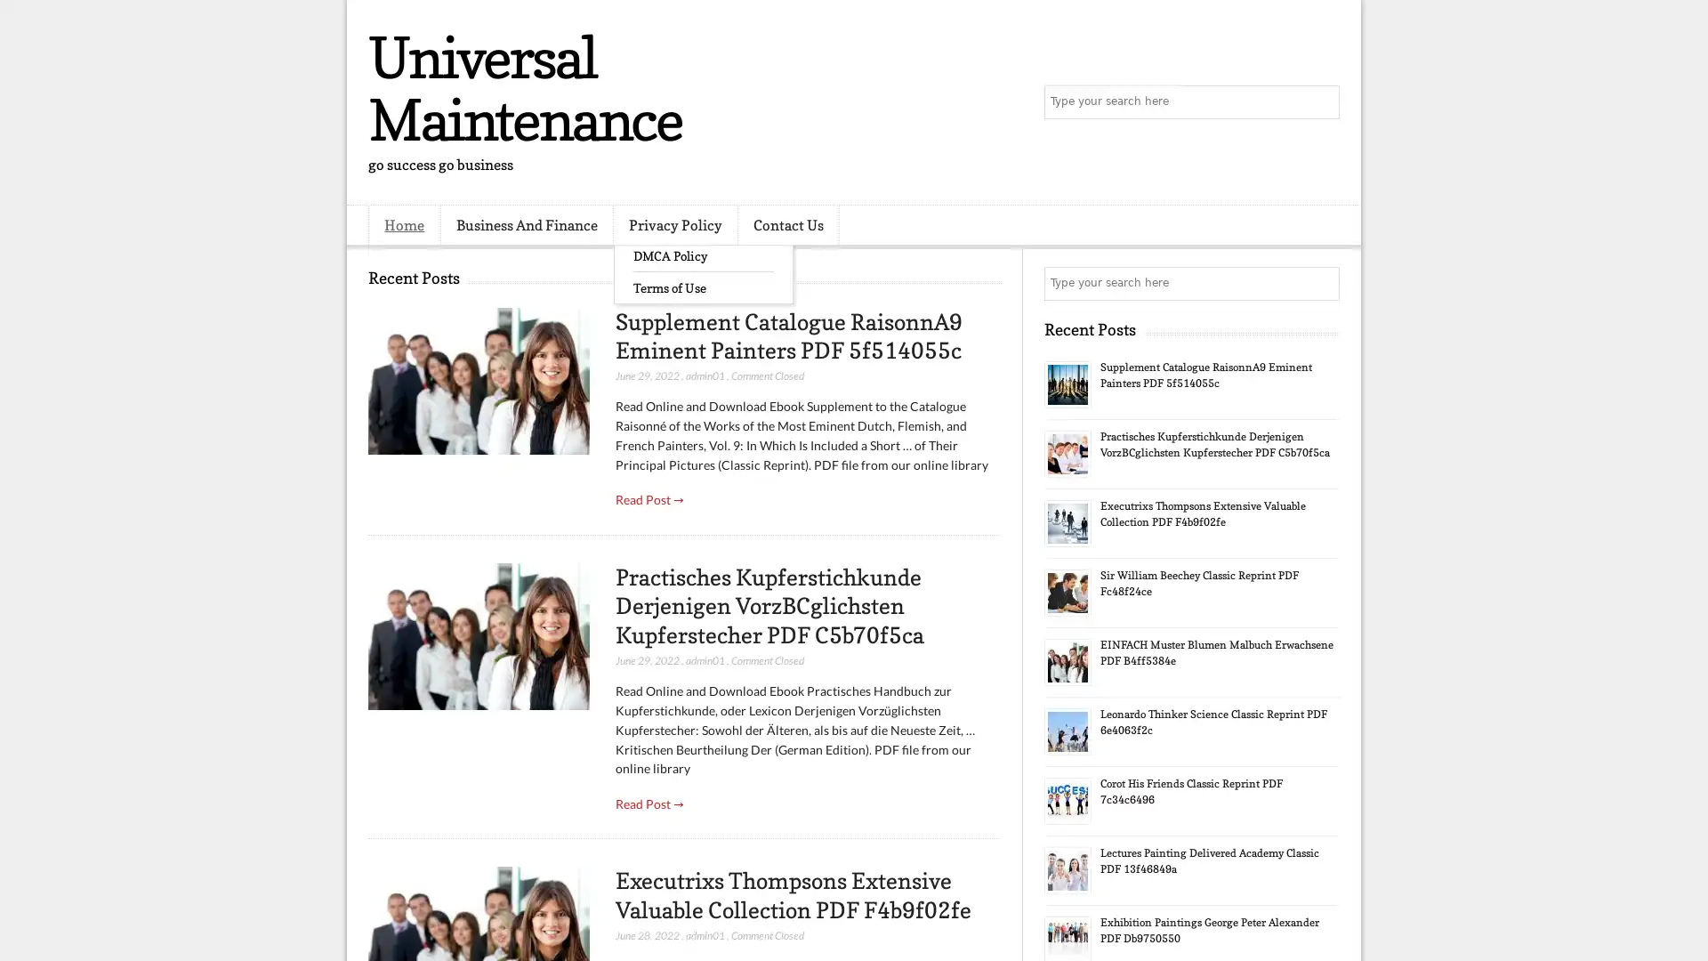  I want to click on Search, so click(1321, 283).